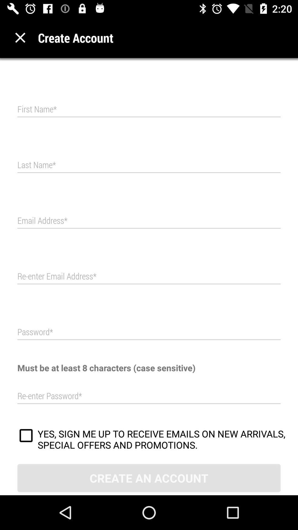 This screenshot has height=530, width=298. I want to click on sign up for special offers and promotions, so click(26, 436).